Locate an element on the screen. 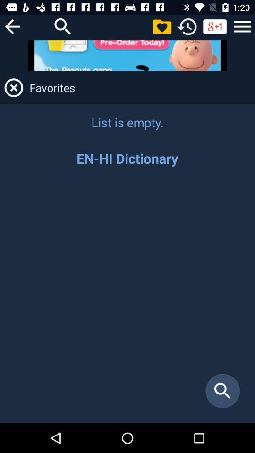 The height and width of the screenshot is (453, 255). closes the favorites list is located at coordinates (13, 87).